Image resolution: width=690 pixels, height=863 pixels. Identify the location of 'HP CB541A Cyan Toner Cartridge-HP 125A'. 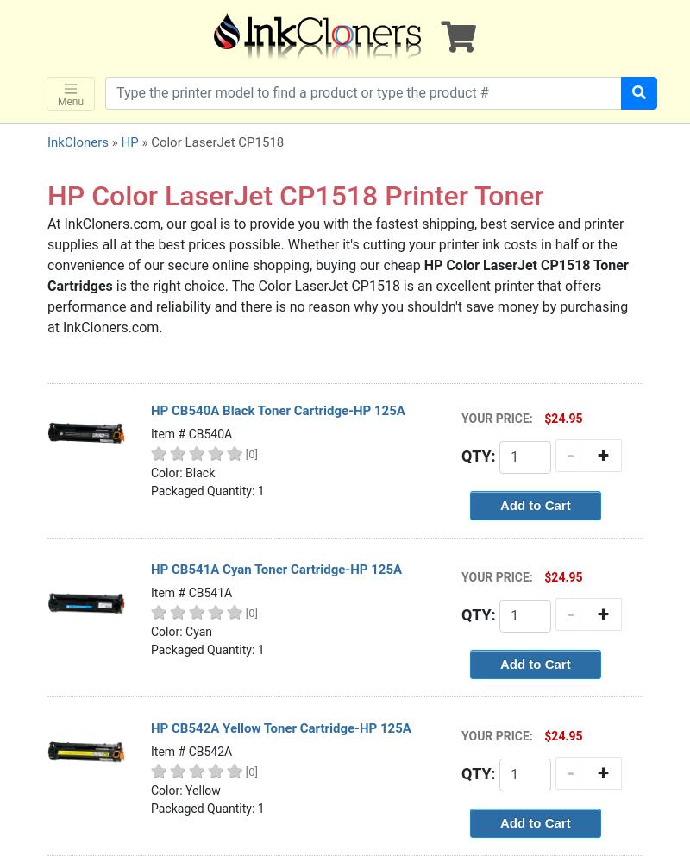
(275, 570).